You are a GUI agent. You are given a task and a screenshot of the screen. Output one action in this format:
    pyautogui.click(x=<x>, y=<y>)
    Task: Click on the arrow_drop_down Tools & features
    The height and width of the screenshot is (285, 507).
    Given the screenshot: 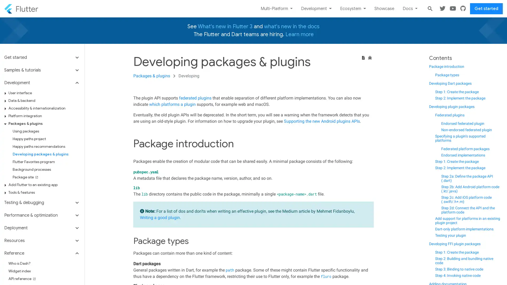 What is the action you would take?
    pyautogui.click(x=44, y=192)
    